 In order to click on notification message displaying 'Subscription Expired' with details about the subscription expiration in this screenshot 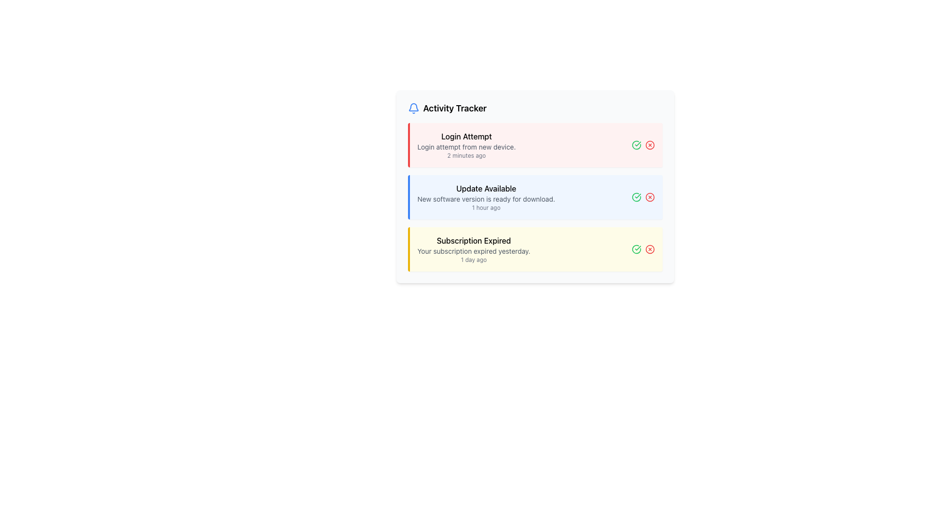, I will do `click(474, 248)`.